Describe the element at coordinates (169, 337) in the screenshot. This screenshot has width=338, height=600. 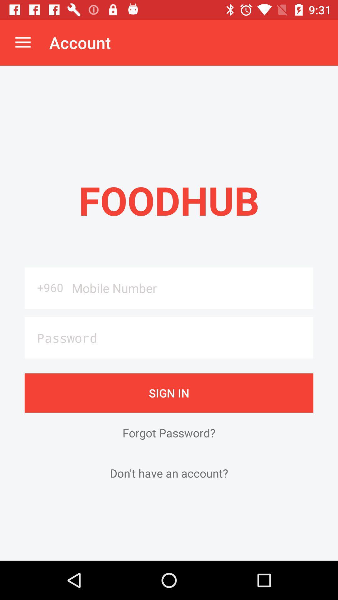
I see `your password` at that location.